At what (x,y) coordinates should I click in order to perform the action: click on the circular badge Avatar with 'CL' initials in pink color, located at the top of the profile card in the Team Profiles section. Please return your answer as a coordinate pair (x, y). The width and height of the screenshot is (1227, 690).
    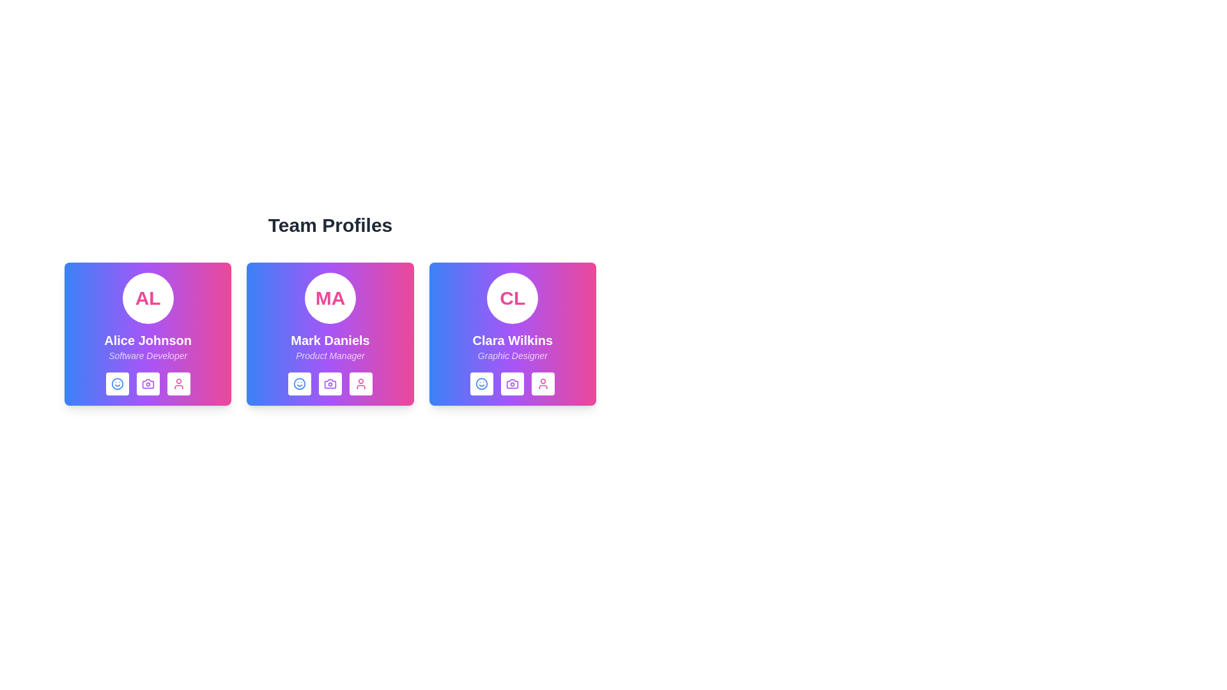
    Looking at the image, I should click on (513, 298).